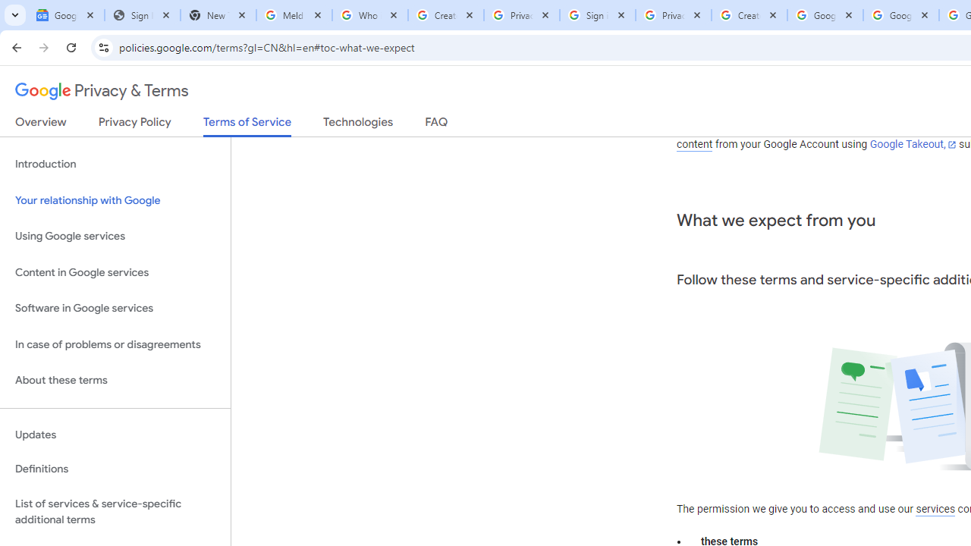  Describe the element at coordinates (115, 380) in the screenshot. I see `'About these terms'` at that location.